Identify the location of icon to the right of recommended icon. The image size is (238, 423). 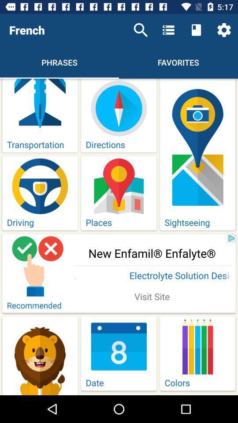
(152, 297).